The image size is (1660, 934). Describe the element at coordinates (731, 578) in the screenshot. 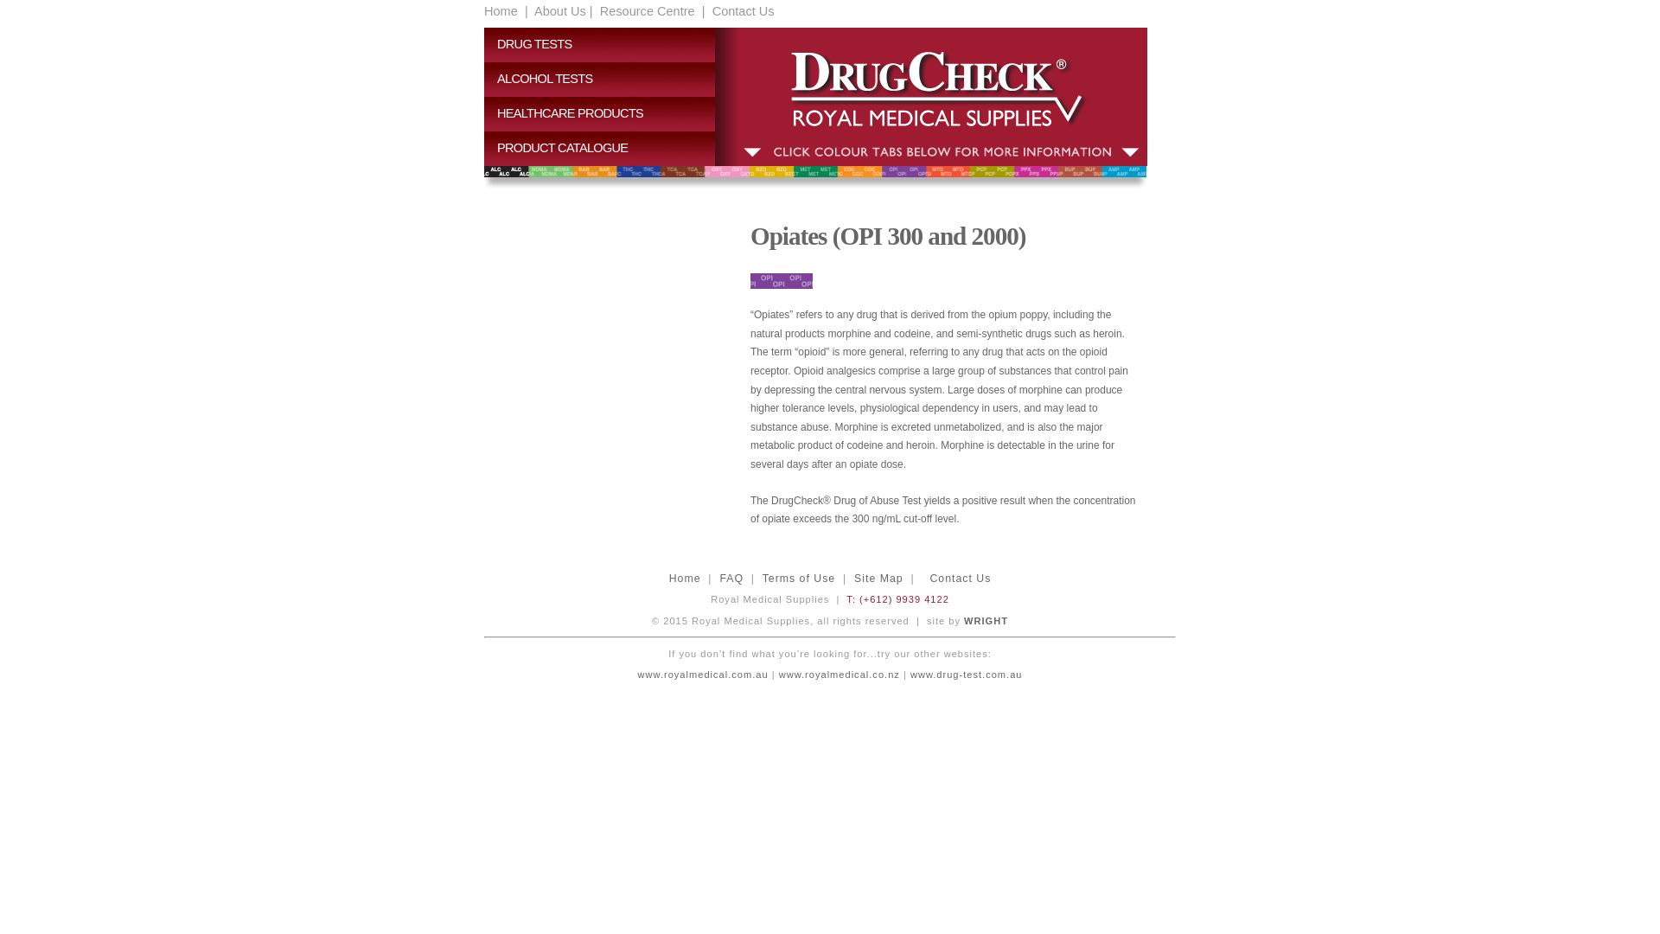

I see `'FAQ'` at that location.